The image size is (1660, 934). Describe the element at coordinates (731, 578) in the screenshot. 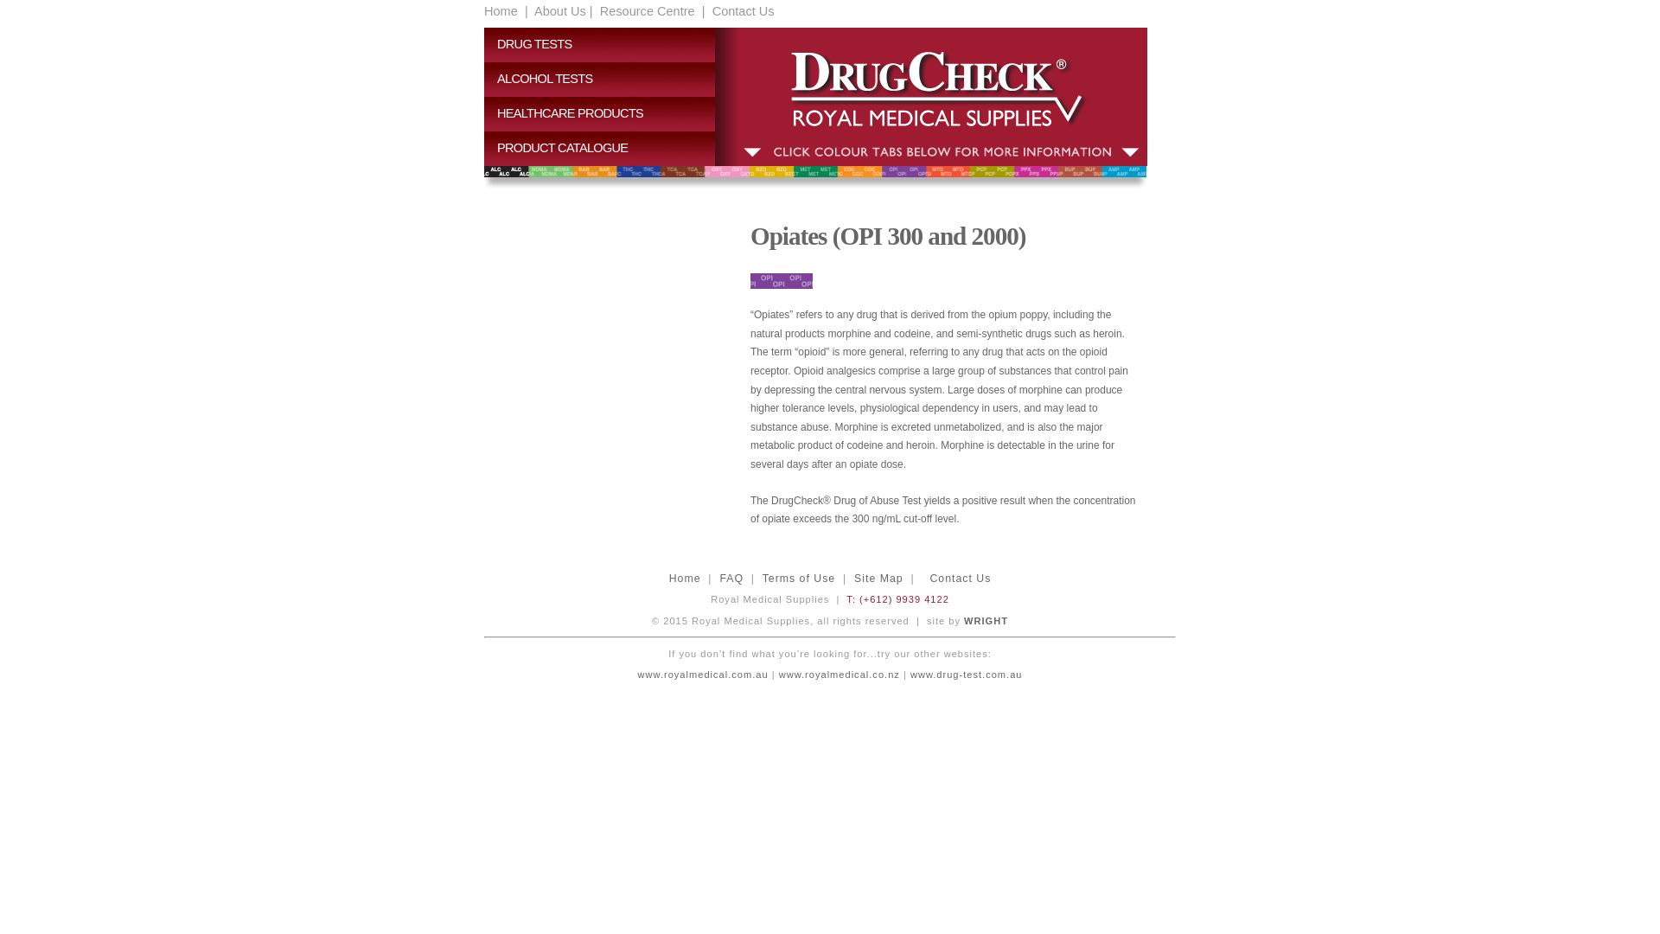

I see `'FAQ'` at that location.